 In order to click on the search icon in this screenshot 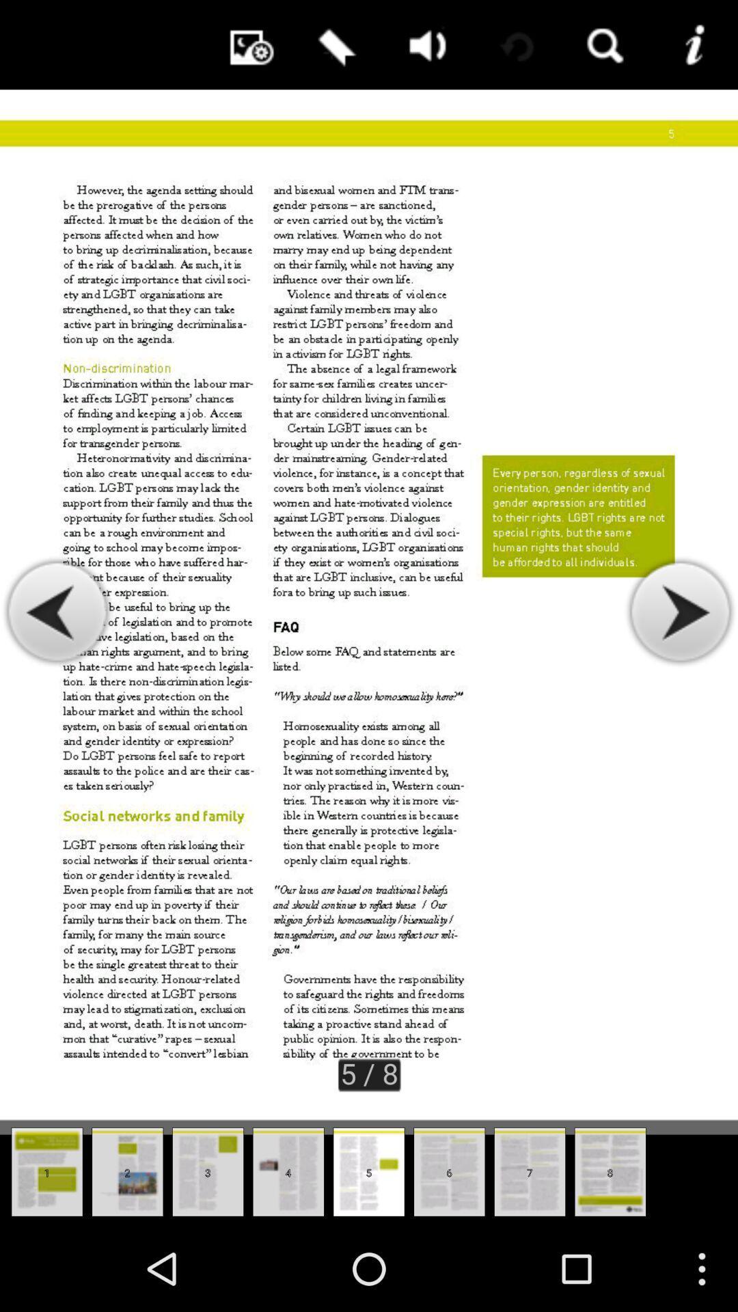, I will do `click(603, 48)`.